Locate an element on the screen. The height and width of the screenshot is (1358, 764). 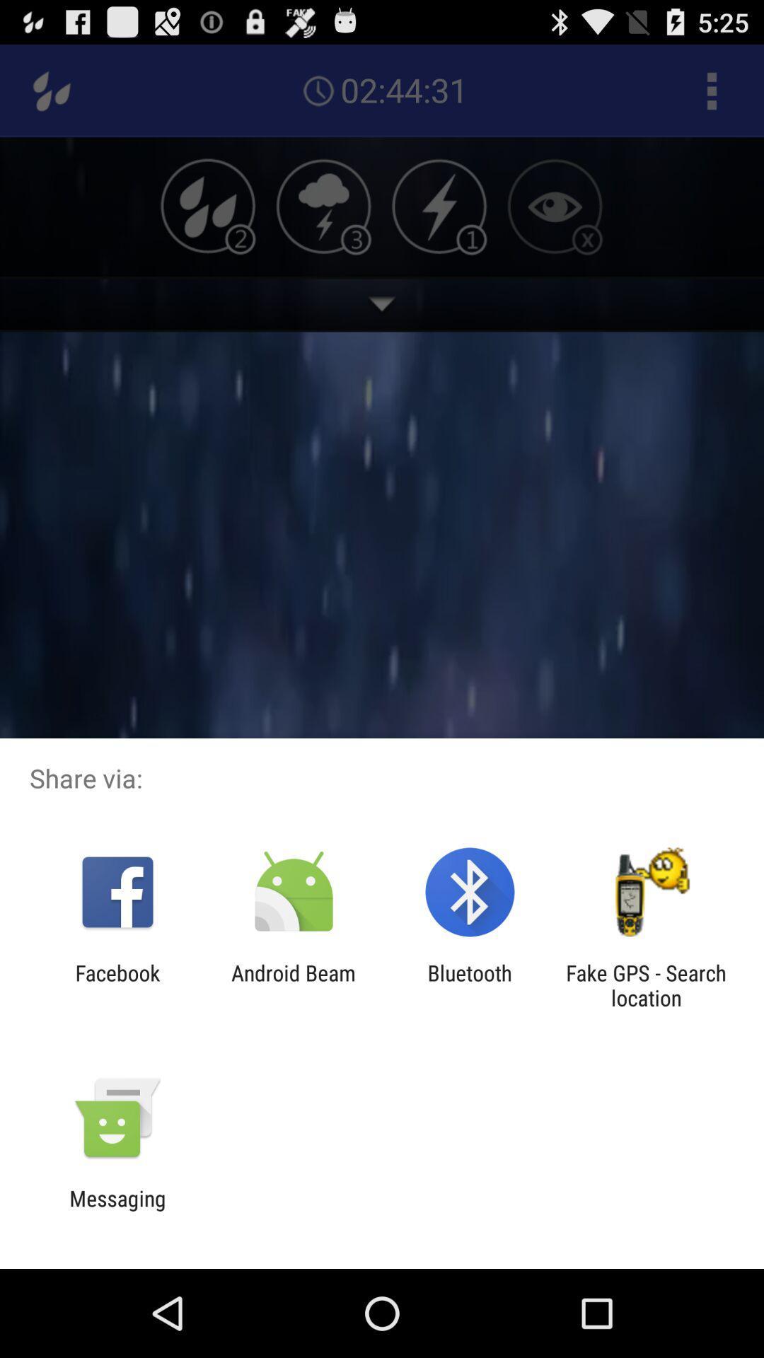
app next to the android beam icon is located at coordinates (117, 985).